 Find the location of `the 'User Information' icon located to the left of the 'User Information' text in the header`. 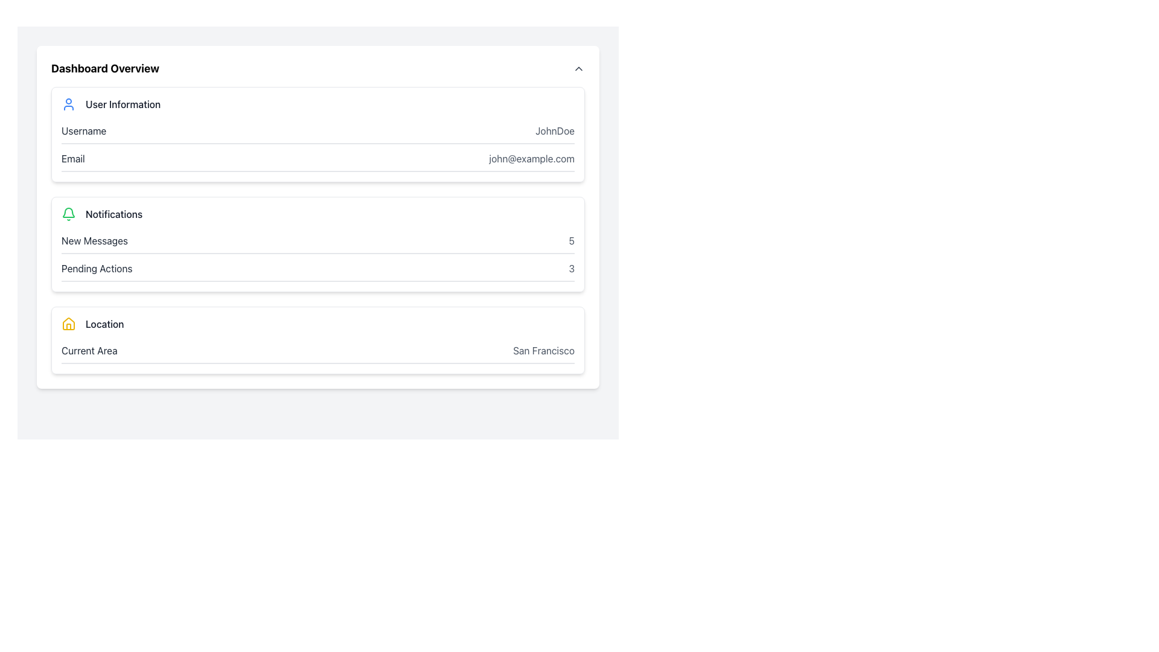

the 'User Information' icon located to the left of the 'User Information' text in the header is located at coordinates (68, 104).